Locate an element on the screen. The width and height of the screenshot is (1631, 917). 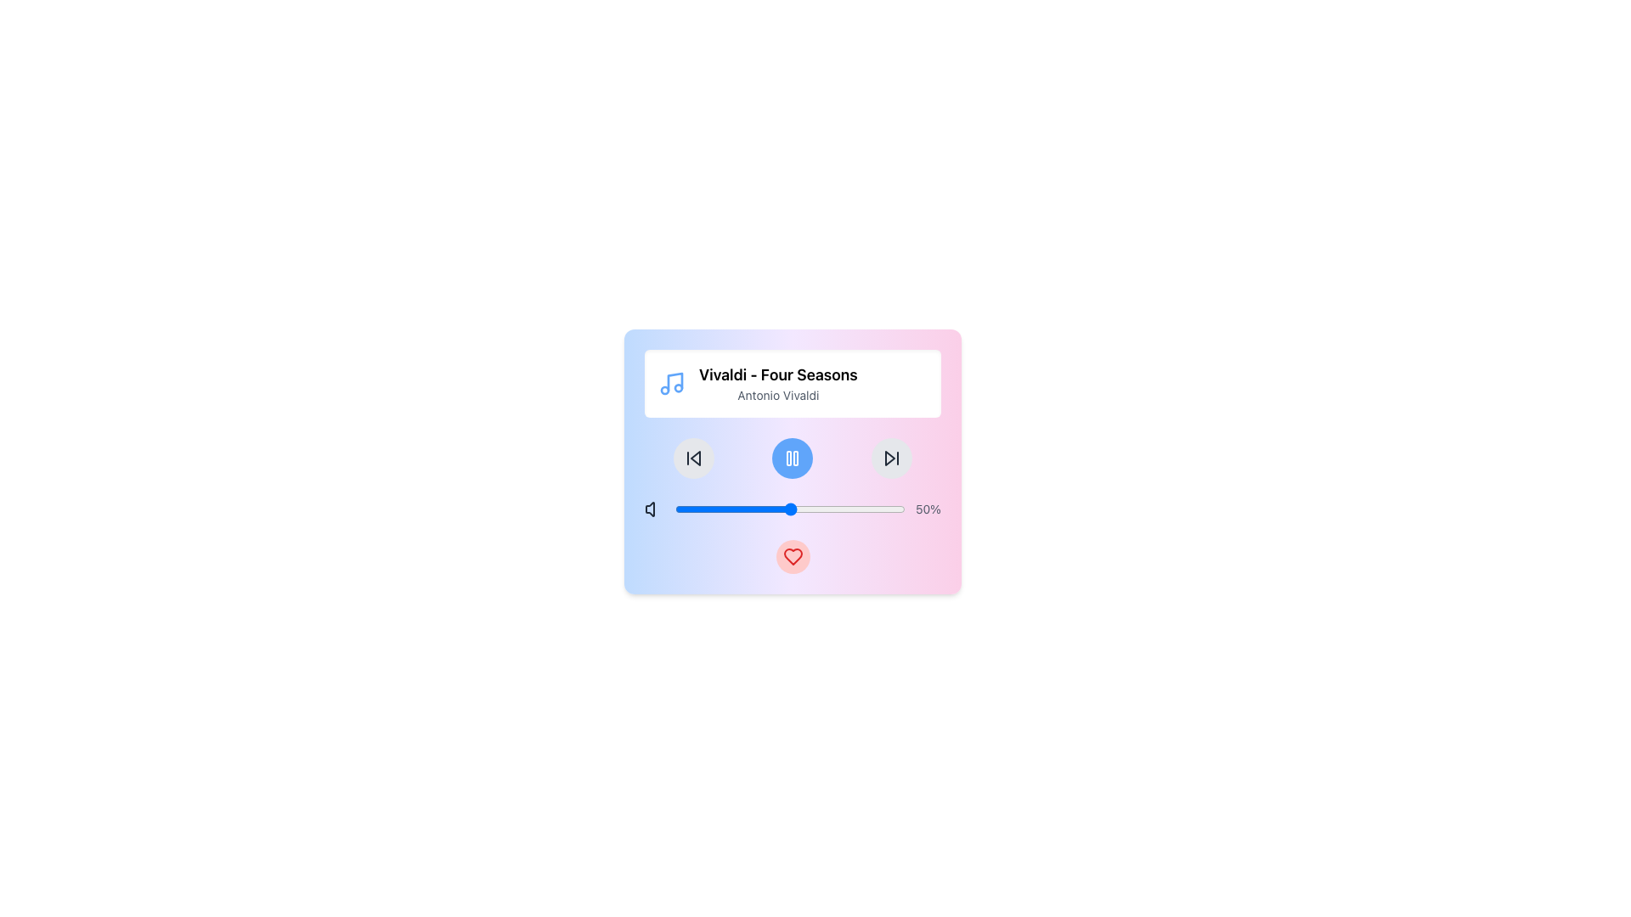
the middle Pause Button with a blue circular background and a 'pause' icon made of two vertical bars is located at coordinates (792, 458).